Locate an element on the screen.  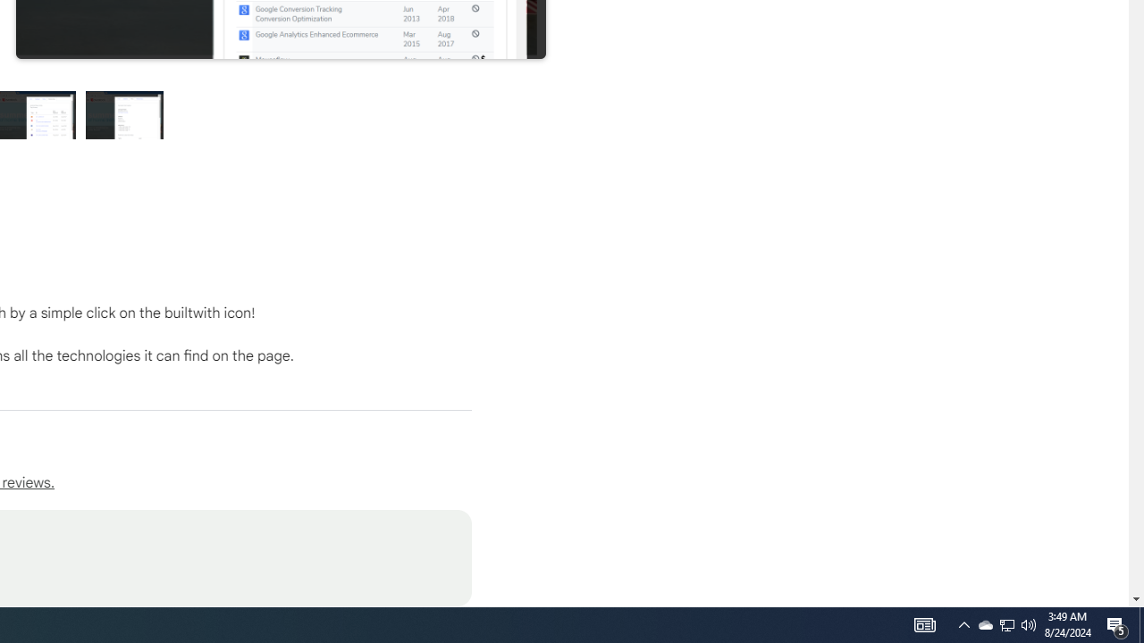
'Preview slide 4' is located at coordinates (124, 114).